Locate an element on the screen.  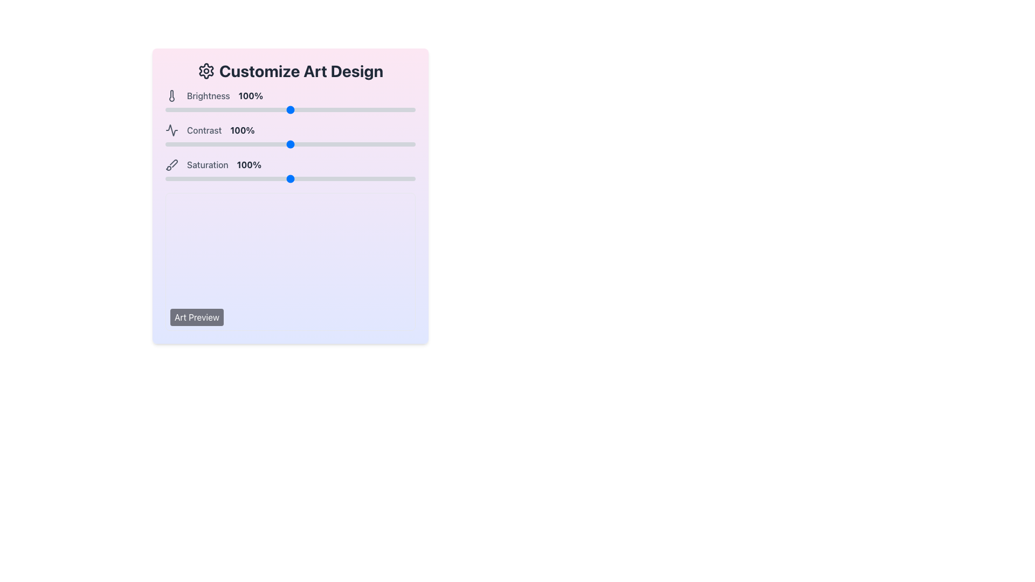
the saturation level is located at coordinates (349, 178).